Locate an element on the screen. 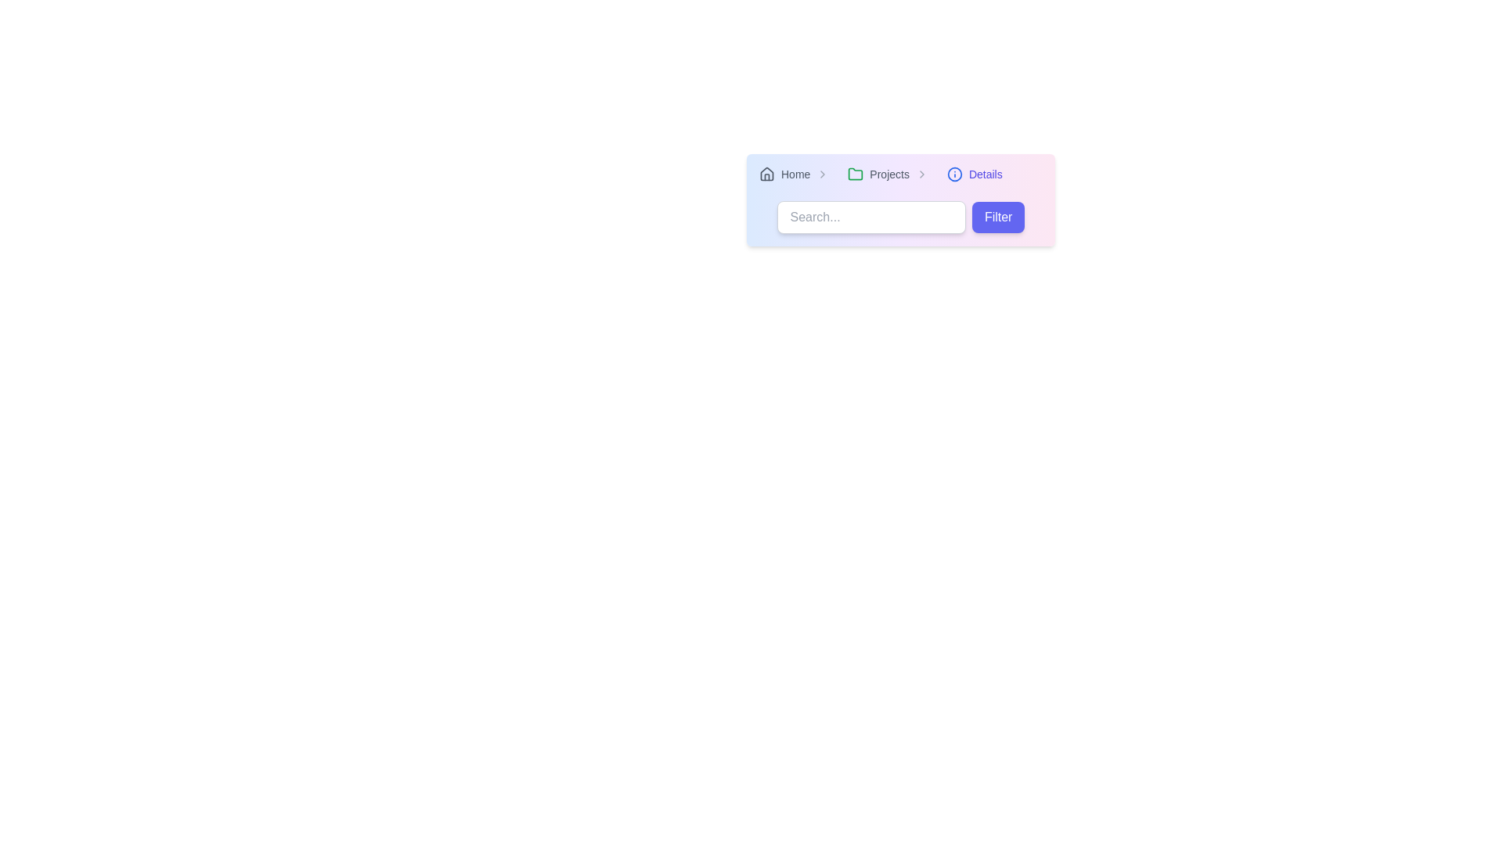 Image resolution: width=1503 pixels, height=845 pixels. the home icon in the breadcrumb navigation, which is represented as a house shape with a triangular roof and rectangular base, located at the upper left corner of the interface is located at coordinates (766, 174).